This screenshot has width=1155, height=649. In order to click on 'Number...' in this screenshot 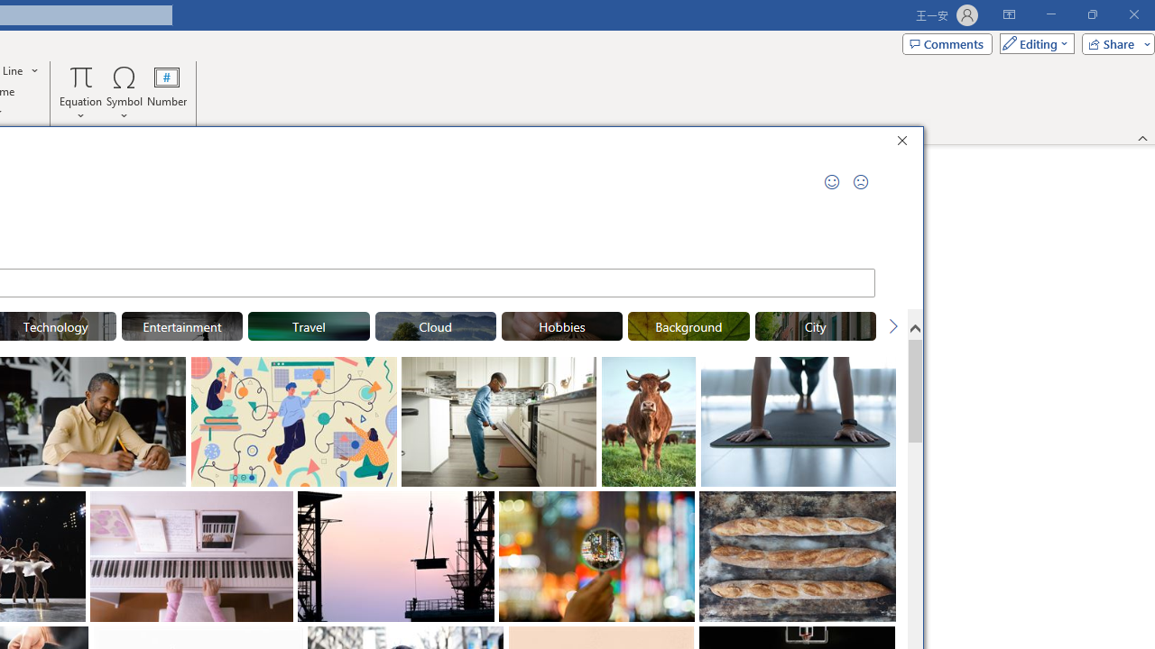, I will do `click(167, 93)`.